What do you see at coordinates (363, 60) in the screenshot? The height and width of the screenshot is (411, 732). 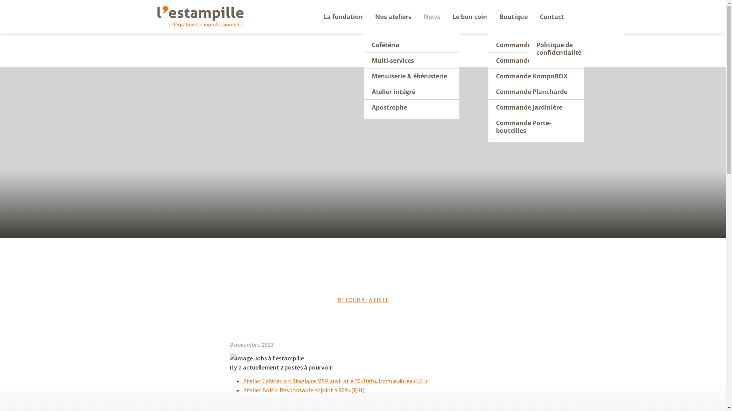 I see `'Multi-services'` at bounding box center [363, 60].